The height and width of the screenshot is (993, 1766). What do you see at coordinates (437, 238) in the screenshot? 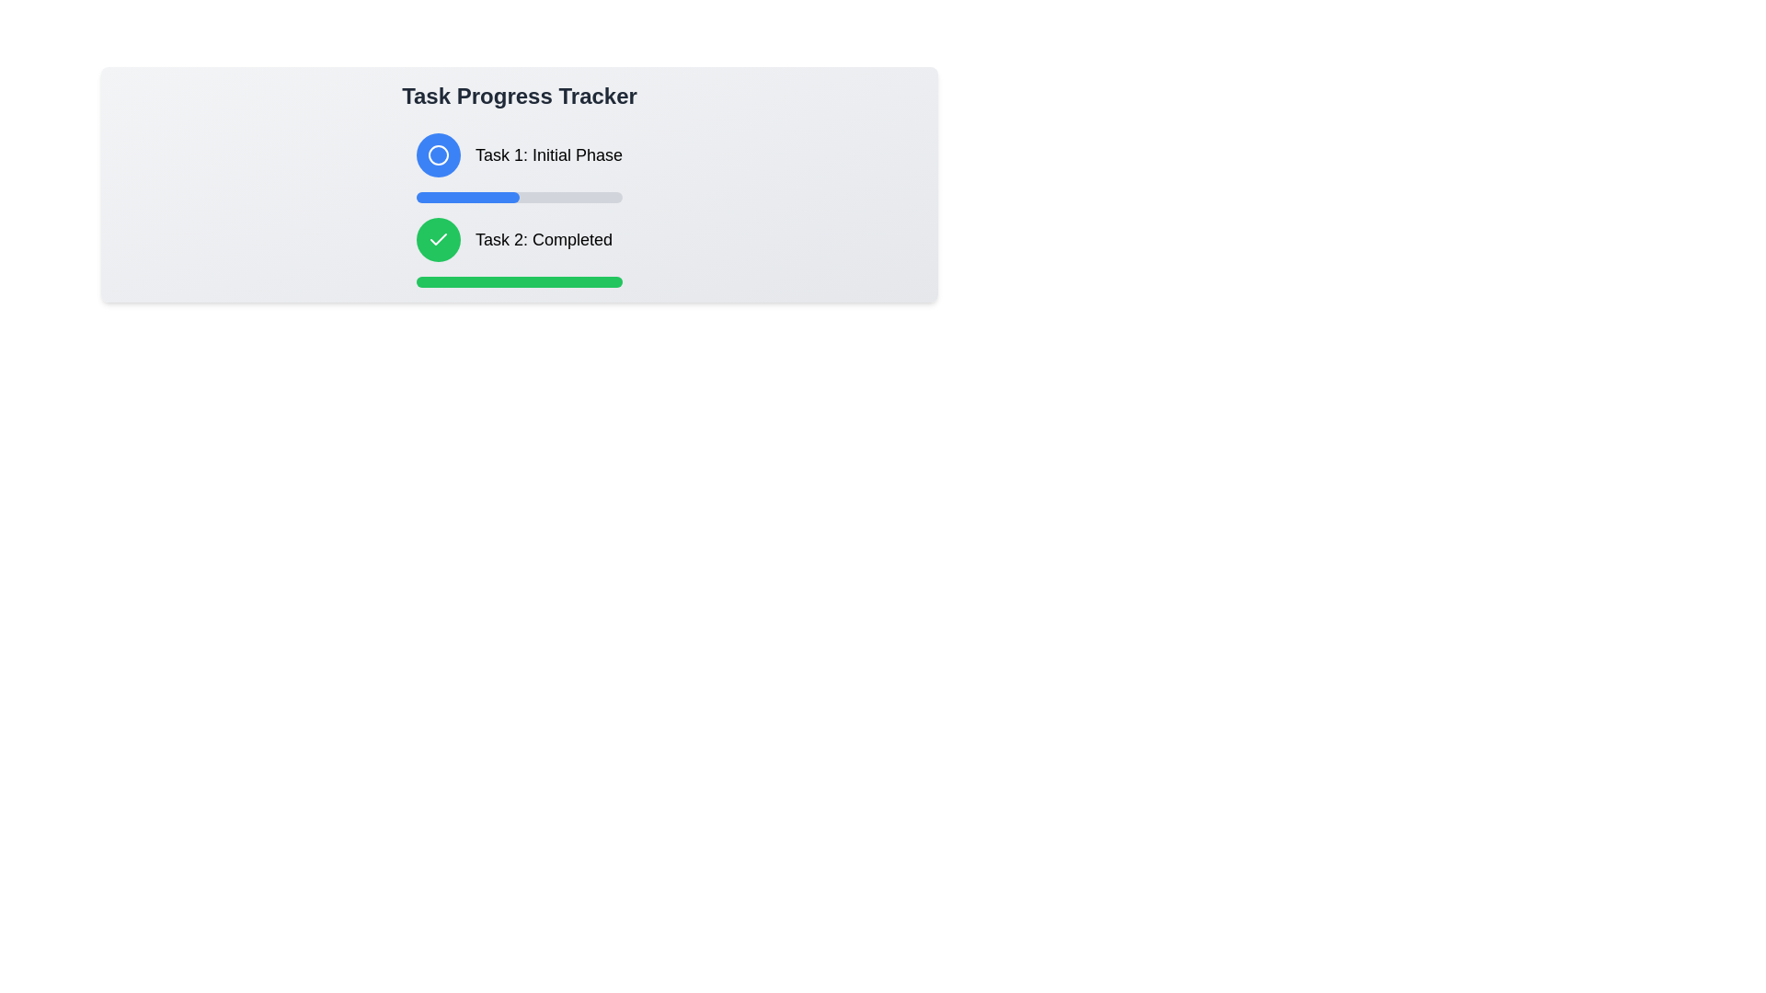
I see `the checkmark symbol icon, which is a white checkmark within a green circular background, located to the left of the label 'Task 2: Completed'` at bounding box center [437, 238].